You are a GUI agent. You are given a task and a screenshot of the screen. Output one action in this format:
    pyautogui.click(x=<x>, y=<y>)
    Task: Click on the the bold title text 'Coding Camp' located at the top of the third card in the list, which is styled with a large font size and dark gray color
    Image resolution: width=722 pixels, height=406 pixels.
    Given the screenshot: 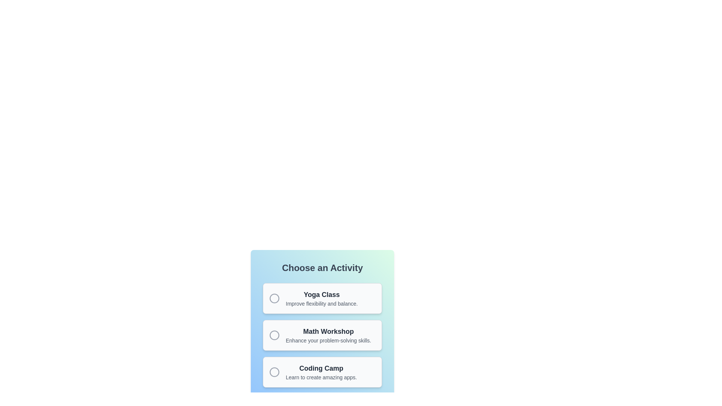 What is the action you would take?
    pyautogui.click(x=321, y=368)
    